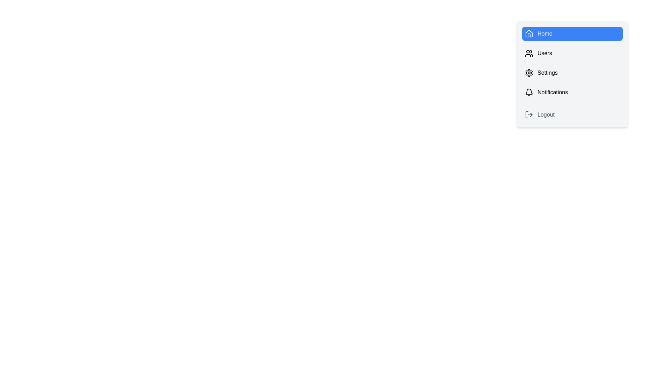  I want to click on the user group icon located to the left of the 'Users' text in the second row of the vertical sidebar menu, so click(529, 53).